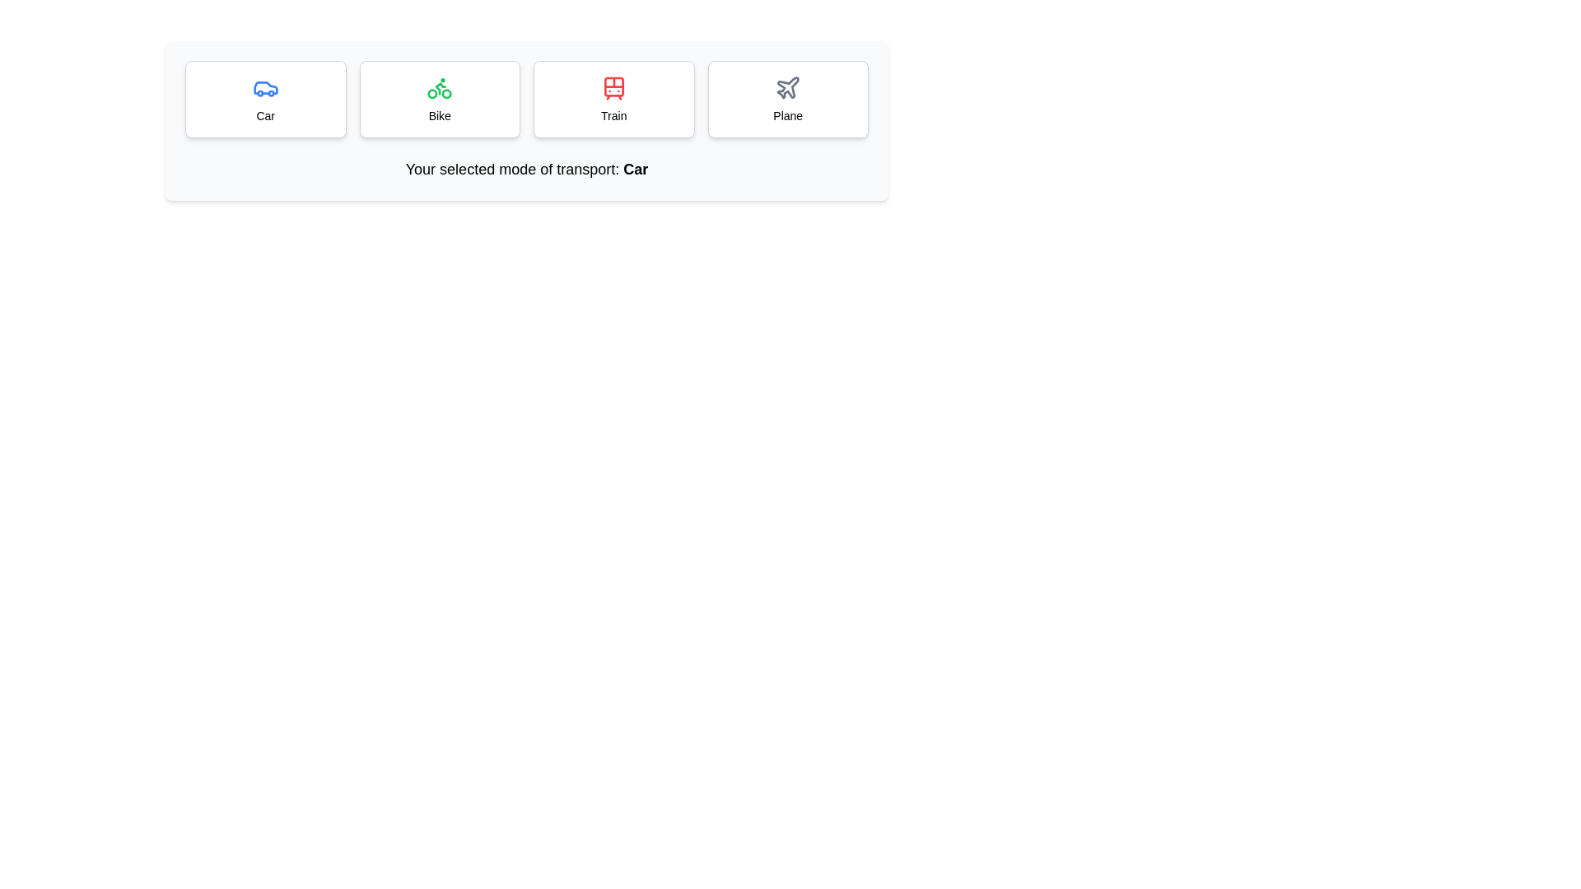 The image size is (1581, 889). I want to click on the static text display that shows the currently selected transport mode, which reads 'Your selected mode of transport: Car', so click(635, 169).